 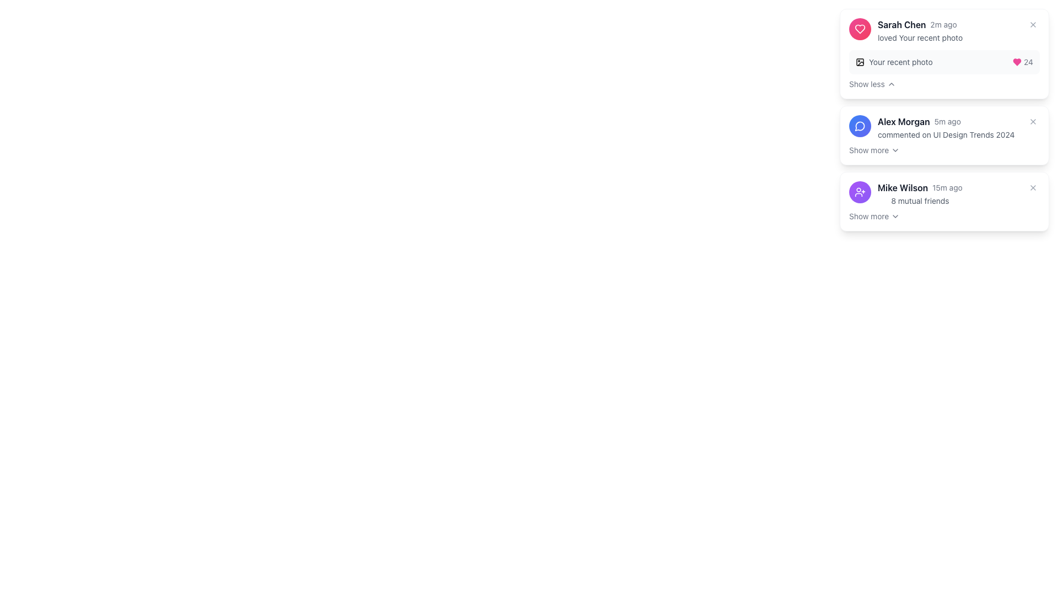 What do you see at coordinates (1033, 25) in the screenshot?
I see `the dismissal button located at the top-right corner of Sarah Chen's activity notification card for contextual understanding` at bounding box center [1033, 25].